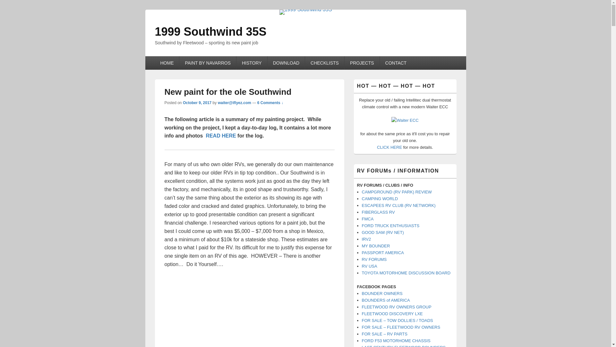  I want to click on 'CLICK HERE', so click(389, 147).